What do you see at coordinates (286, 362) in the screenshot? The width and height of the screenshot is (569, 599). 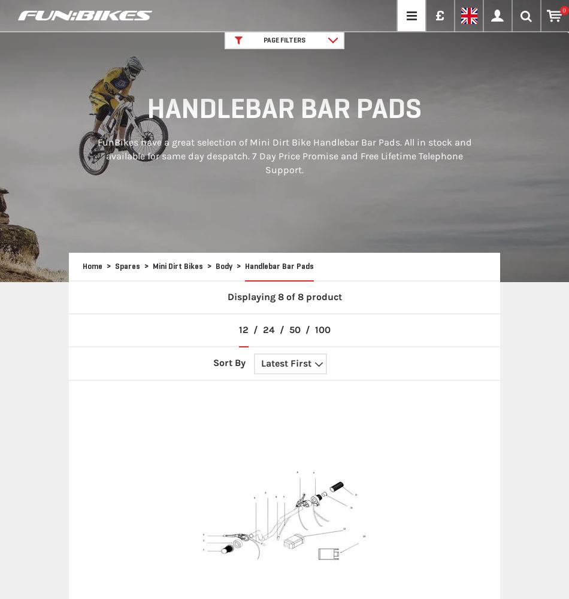 I see `'Latest First'` at bounding box center [286, 362].